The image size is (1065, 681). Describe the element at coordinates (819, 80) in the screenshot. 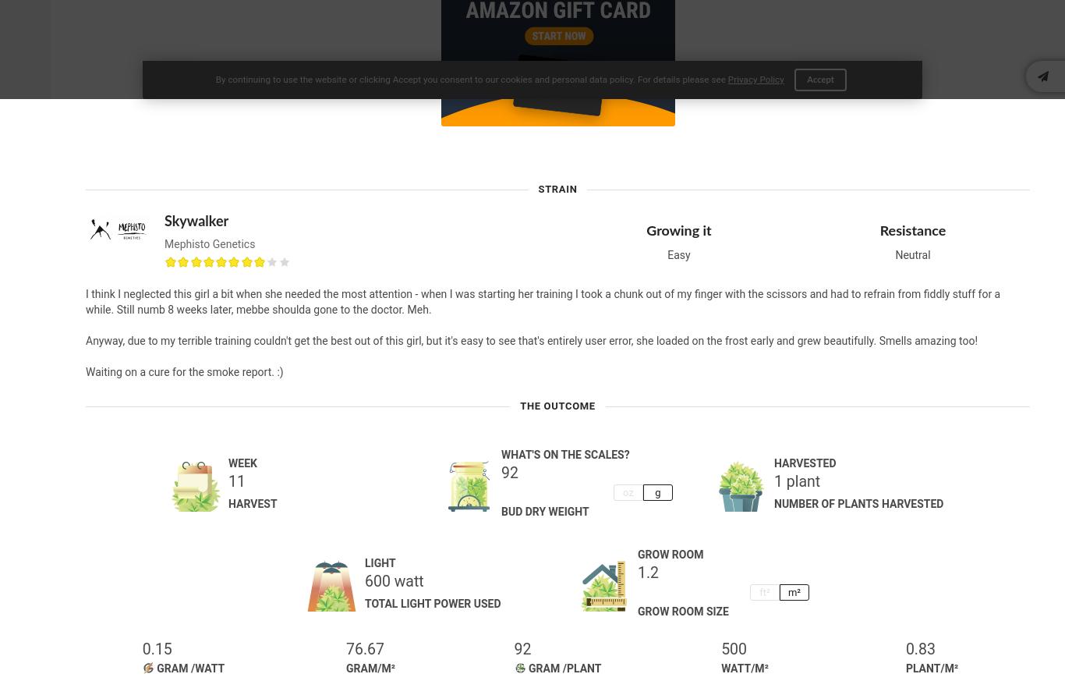

I see `'Accept'` at that location.